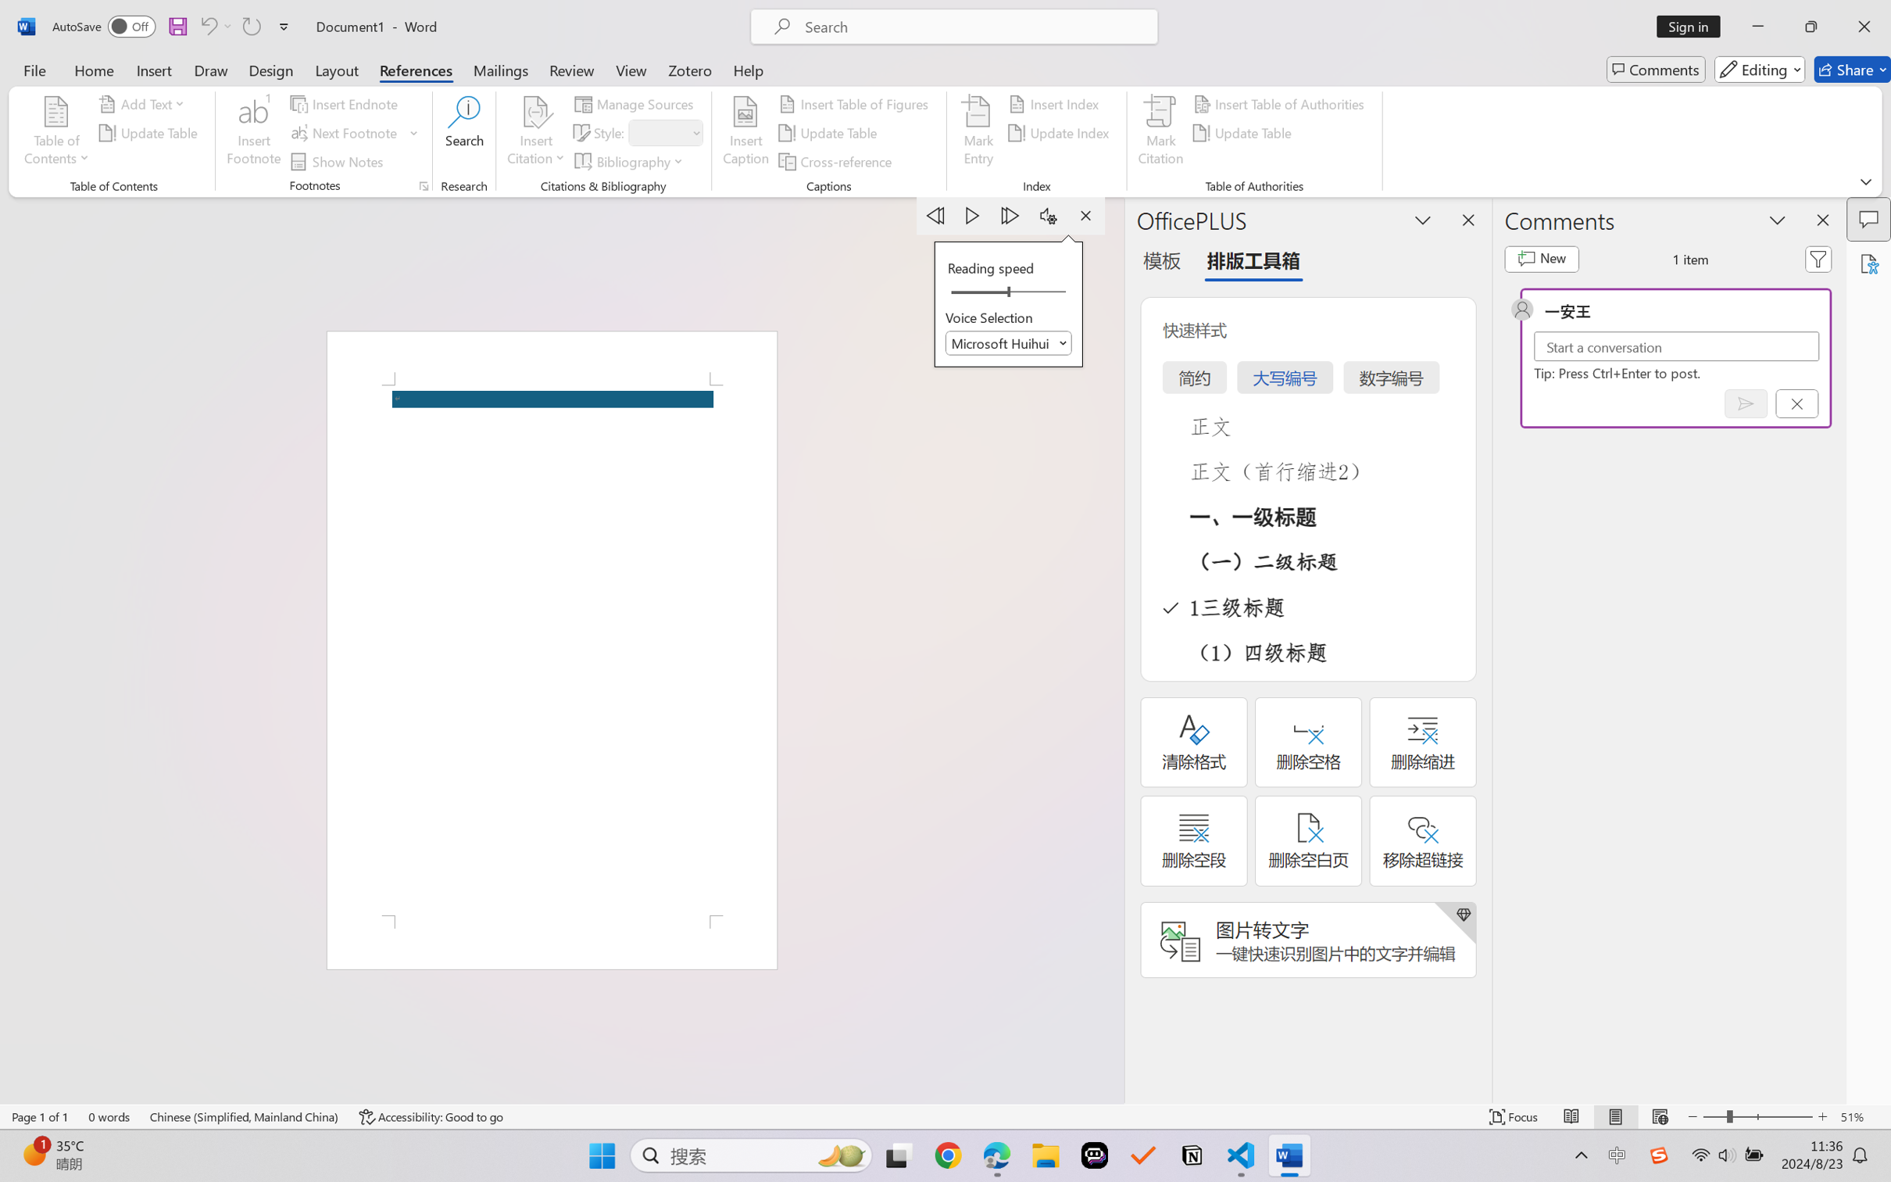 The image size is (1891, 1182). I want to click on 'Undo Apply Quick Style Set', so click(214, 26).